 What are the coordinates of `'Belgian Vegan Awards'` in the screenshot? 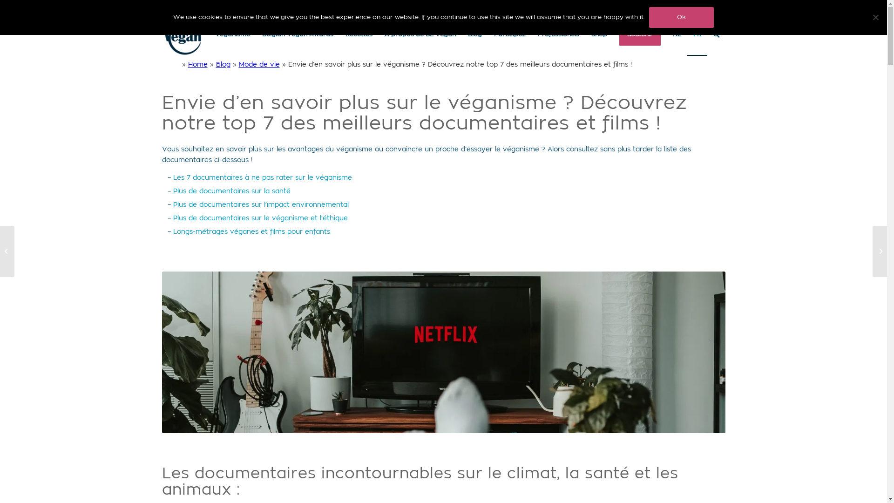 It's located at (256, 34).